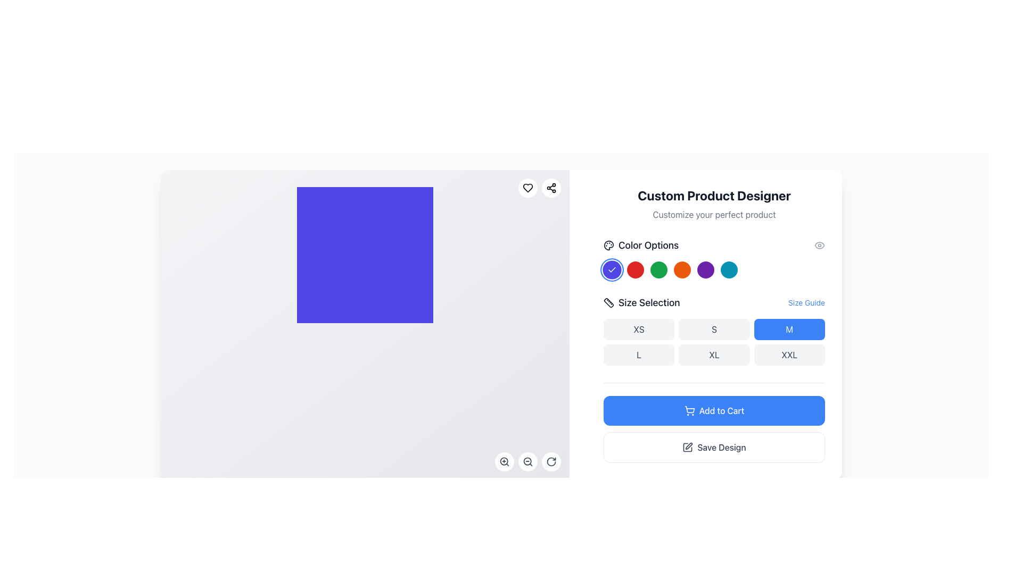 The image size is (1022, 574). What do you see at coordinates (612, 268) in the screenshot?
I see `the circular blue button with a white checkmark icon, which is the first in the row of color-option buttons below 'Color Options.'` at bounding box center [612, 268].